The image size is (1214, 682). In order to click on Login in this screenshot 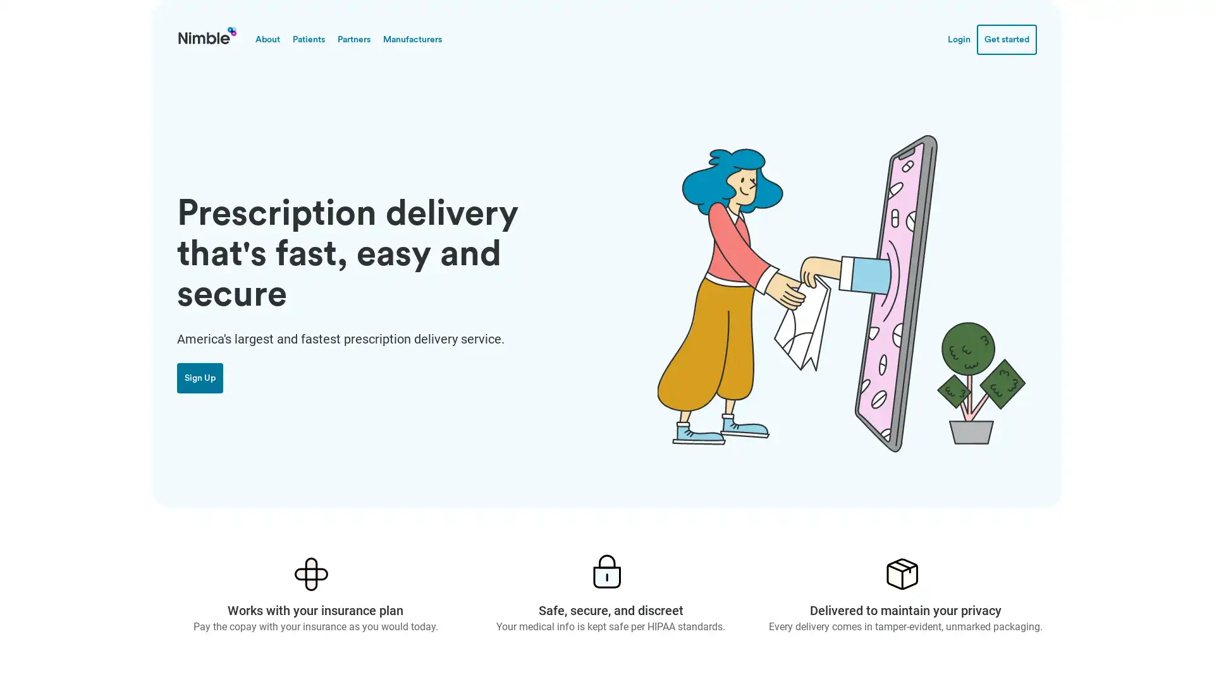, I will do `click(959, 38)`.